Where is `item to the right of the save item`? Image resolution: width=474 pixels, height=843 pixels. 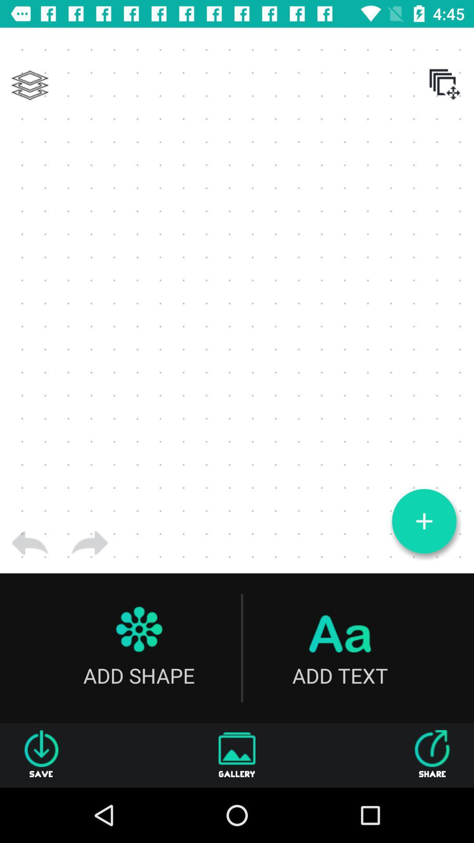
item to the right of the save item is located at coordinates (237, 755).